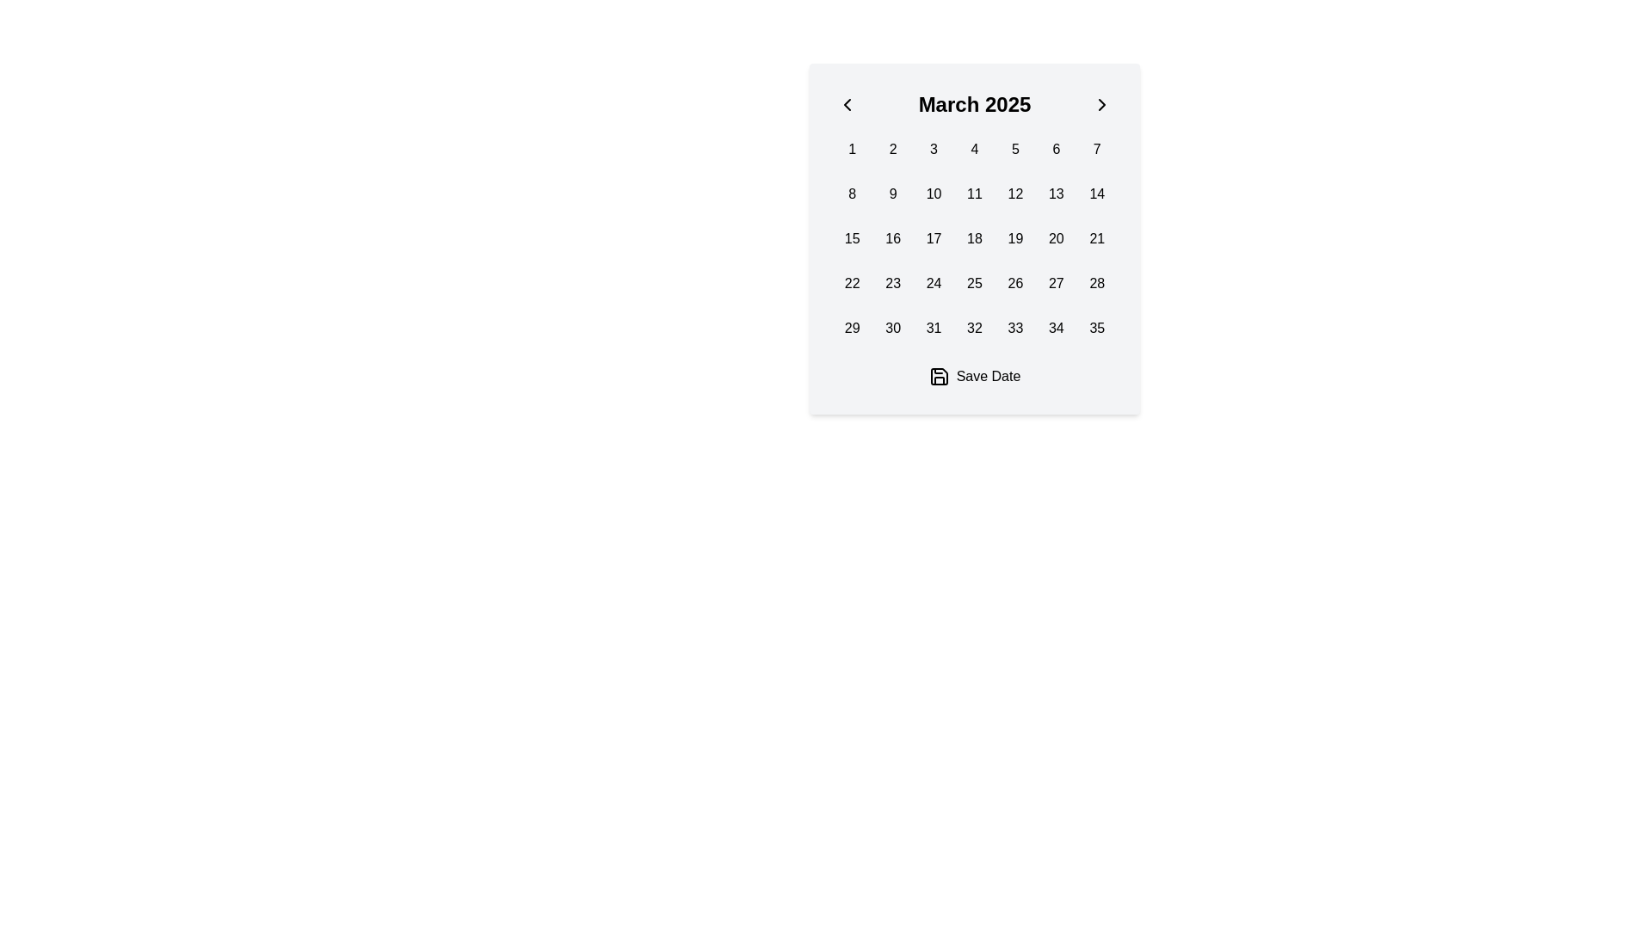  Describe the element at coordinates (1096, 328) in the screenshot. I see `the button located in the bottom-right corner of the calendar grid that represents the date 35` at that location.